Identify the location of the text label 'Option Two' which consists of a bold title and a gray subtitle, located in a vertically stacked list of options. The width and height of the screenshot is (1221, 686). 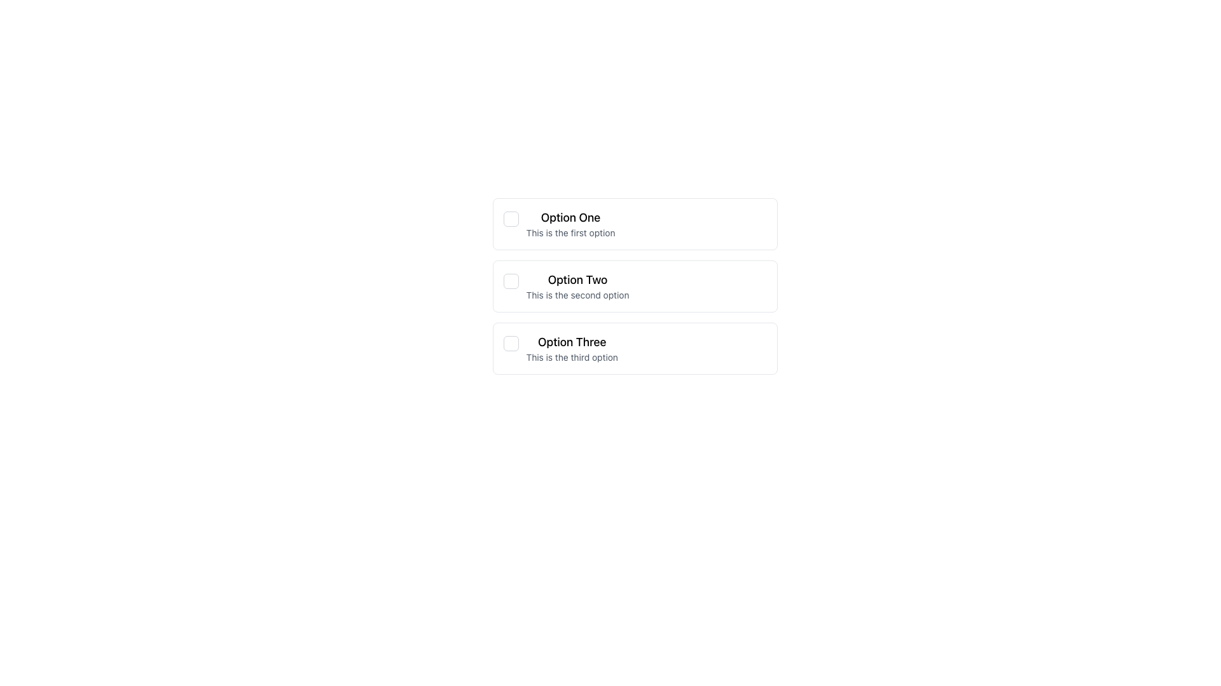
(577, 286).